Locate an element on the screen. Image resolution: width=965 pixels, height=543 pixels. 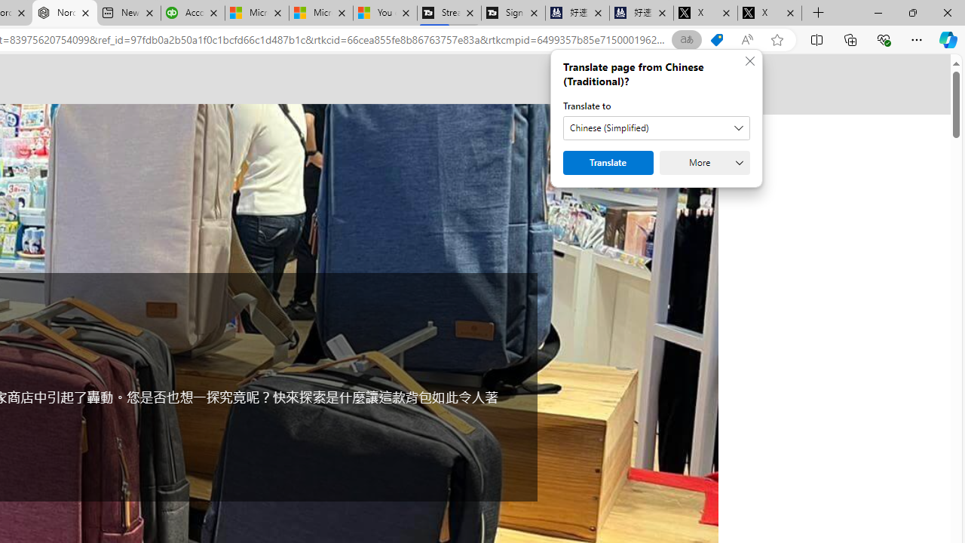
'Streaming Coverage | T3' is located at coordinates (448, 13).